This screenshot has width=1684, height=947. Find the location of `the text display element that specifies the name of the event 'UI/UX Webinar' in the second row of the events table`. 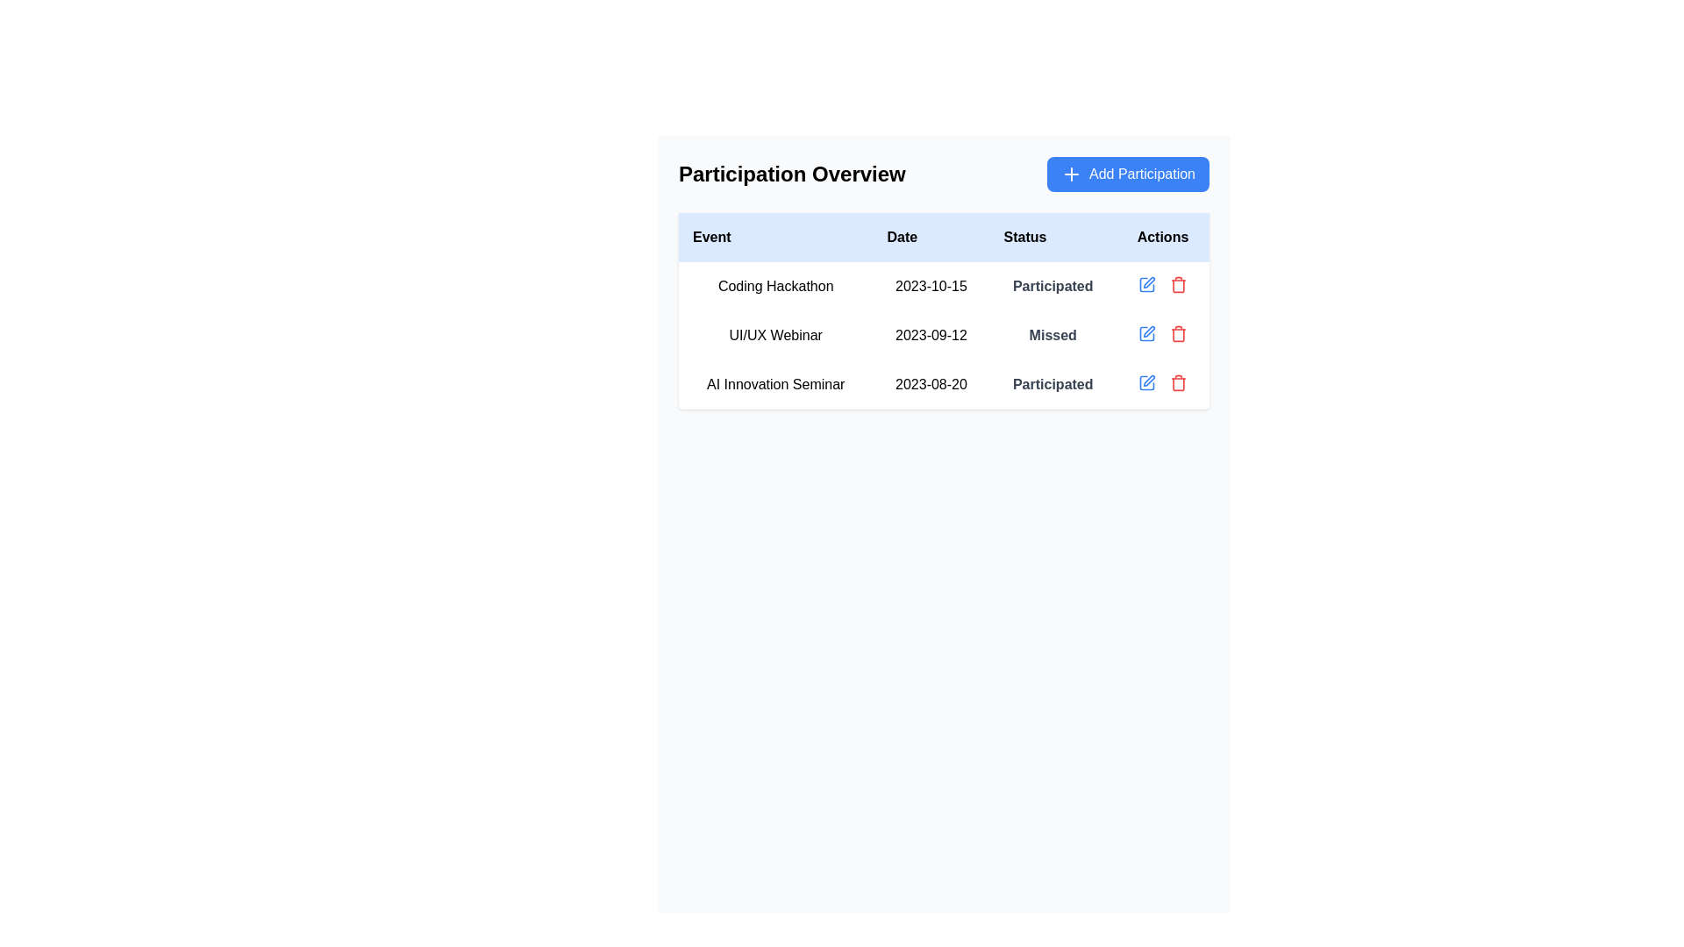

the text display element that specifies the name of the event 'UI/UX Webinar' in the second row of the events table is located at coordinates (774, 335).